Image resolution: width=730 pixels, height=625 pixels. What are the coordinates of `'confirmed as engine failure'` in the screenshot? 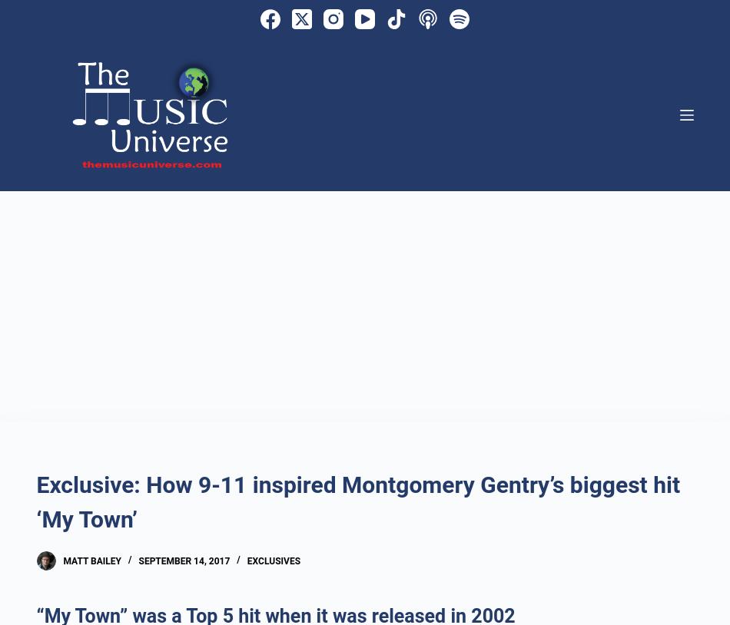 It's located at (474, 113).